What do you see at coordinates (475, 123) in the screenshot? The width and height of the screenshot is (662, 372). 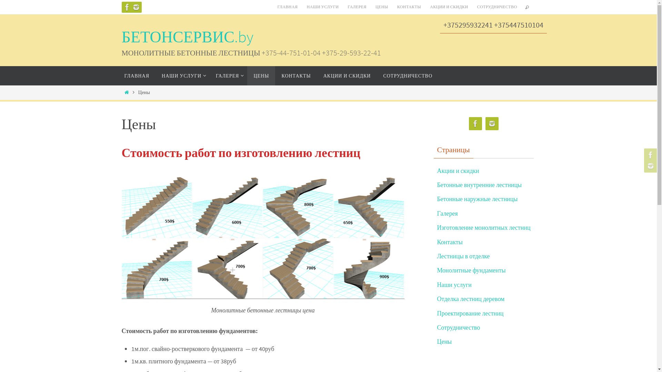 I see `'https://www.facebook.com/profile.php?id=103939485347872'` at bounding box center [475, 123].